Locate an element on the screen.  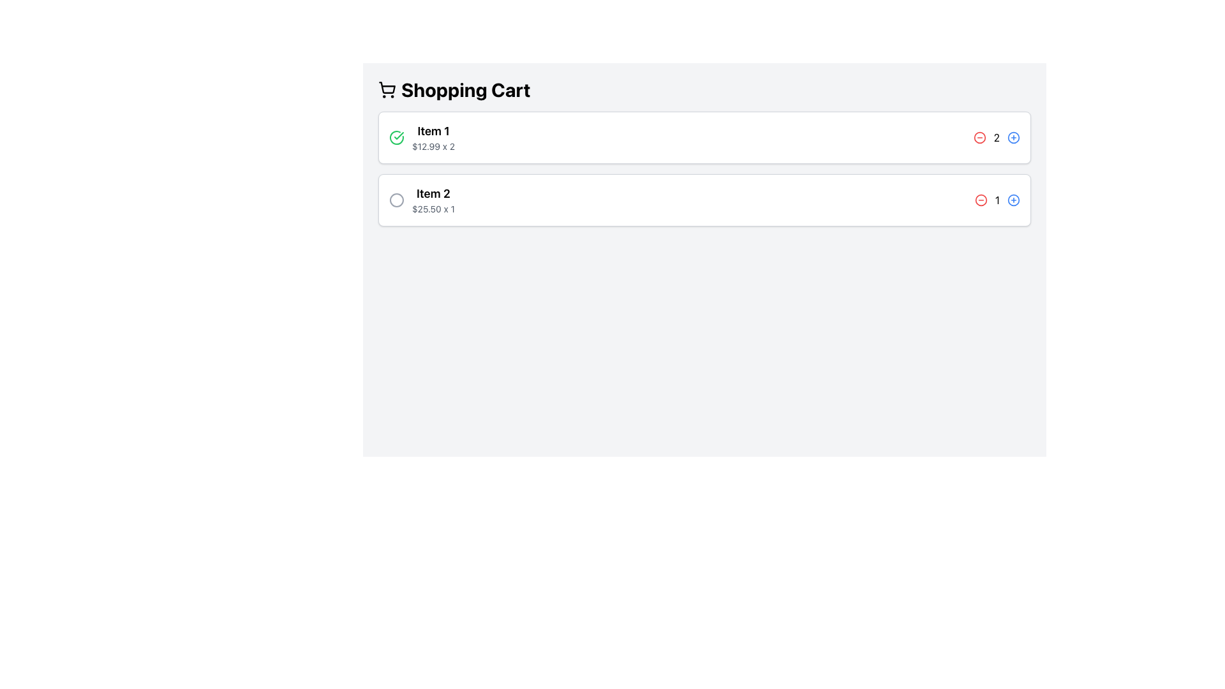
the Text block displaying 'Item 2' with price '$25.50 x 1', which is the second item in the shopping cart interface is located at coordinates (433, 200).